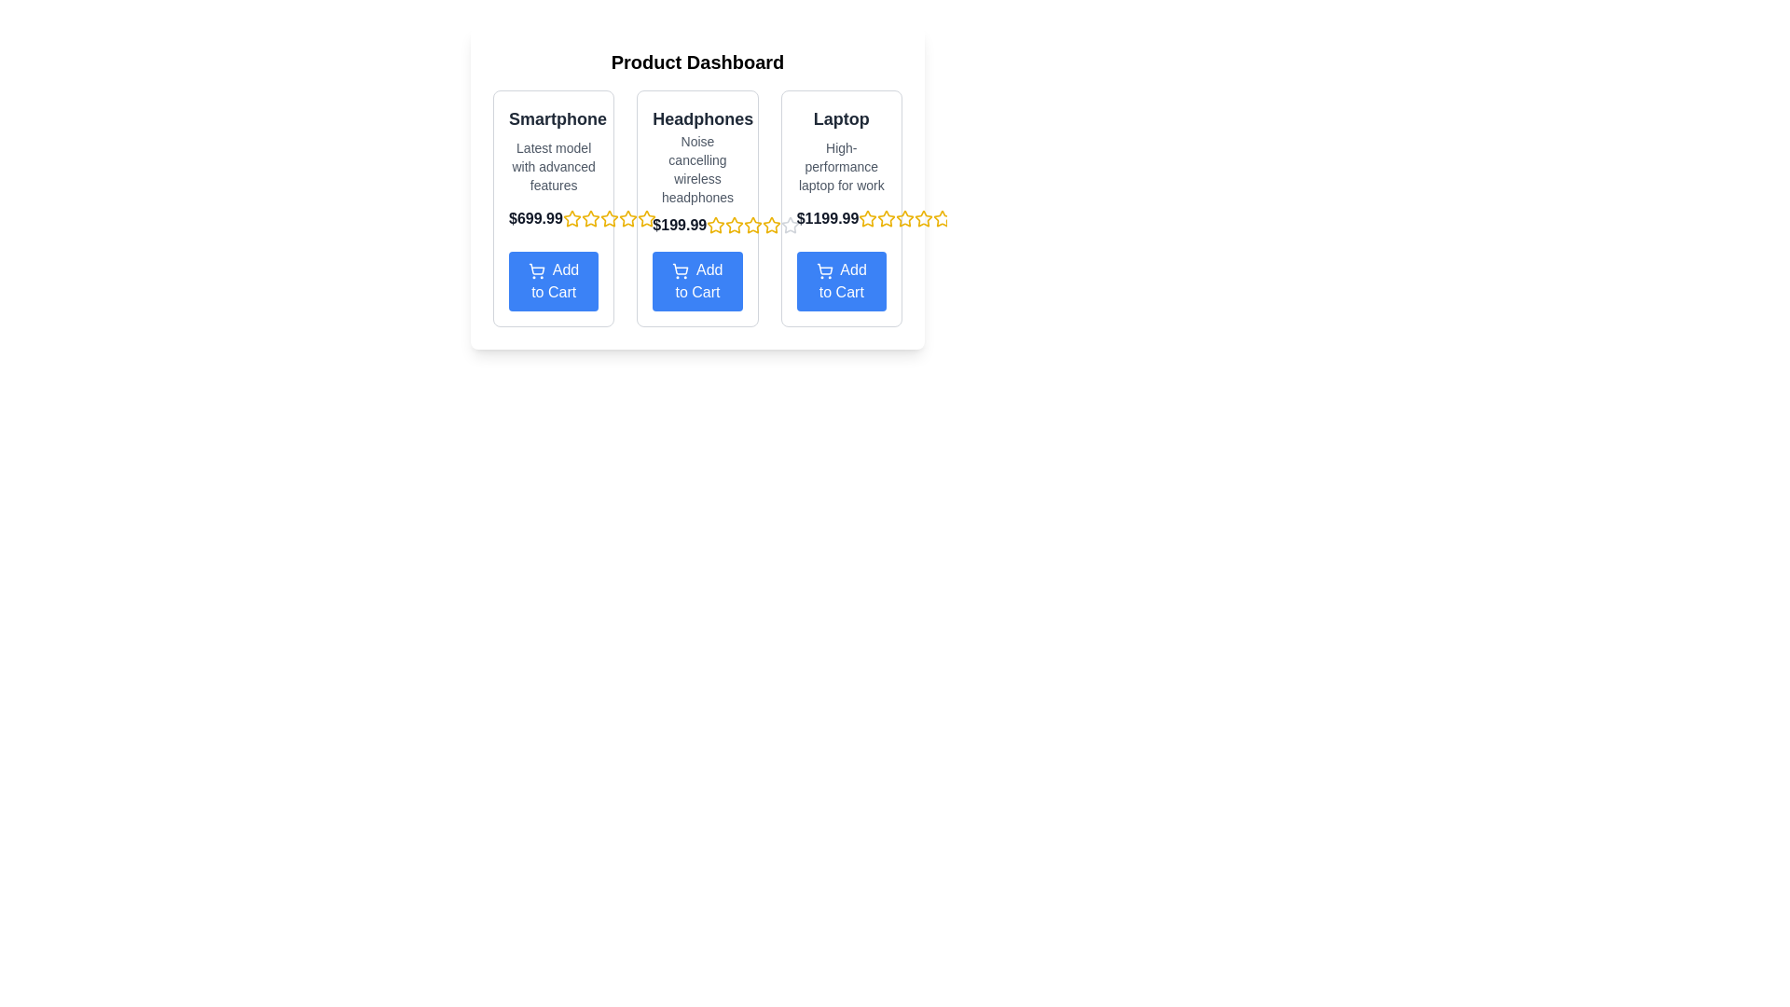 The image size is (1790, 1007). Describe the element at coordinates (827, 218) in the screenshot. I see `the price text label located in the third column of the product listing, which is positioned above the yellow stars and next to the 'Laptop' title` at that location.